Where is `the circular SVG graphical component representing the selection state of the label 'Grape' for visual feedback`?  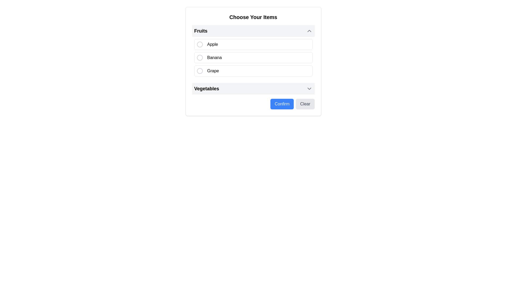 the circular SVG graphical component representing the selection state of the label 'Grape' for visual feedback is located at coordinates (199, 70).